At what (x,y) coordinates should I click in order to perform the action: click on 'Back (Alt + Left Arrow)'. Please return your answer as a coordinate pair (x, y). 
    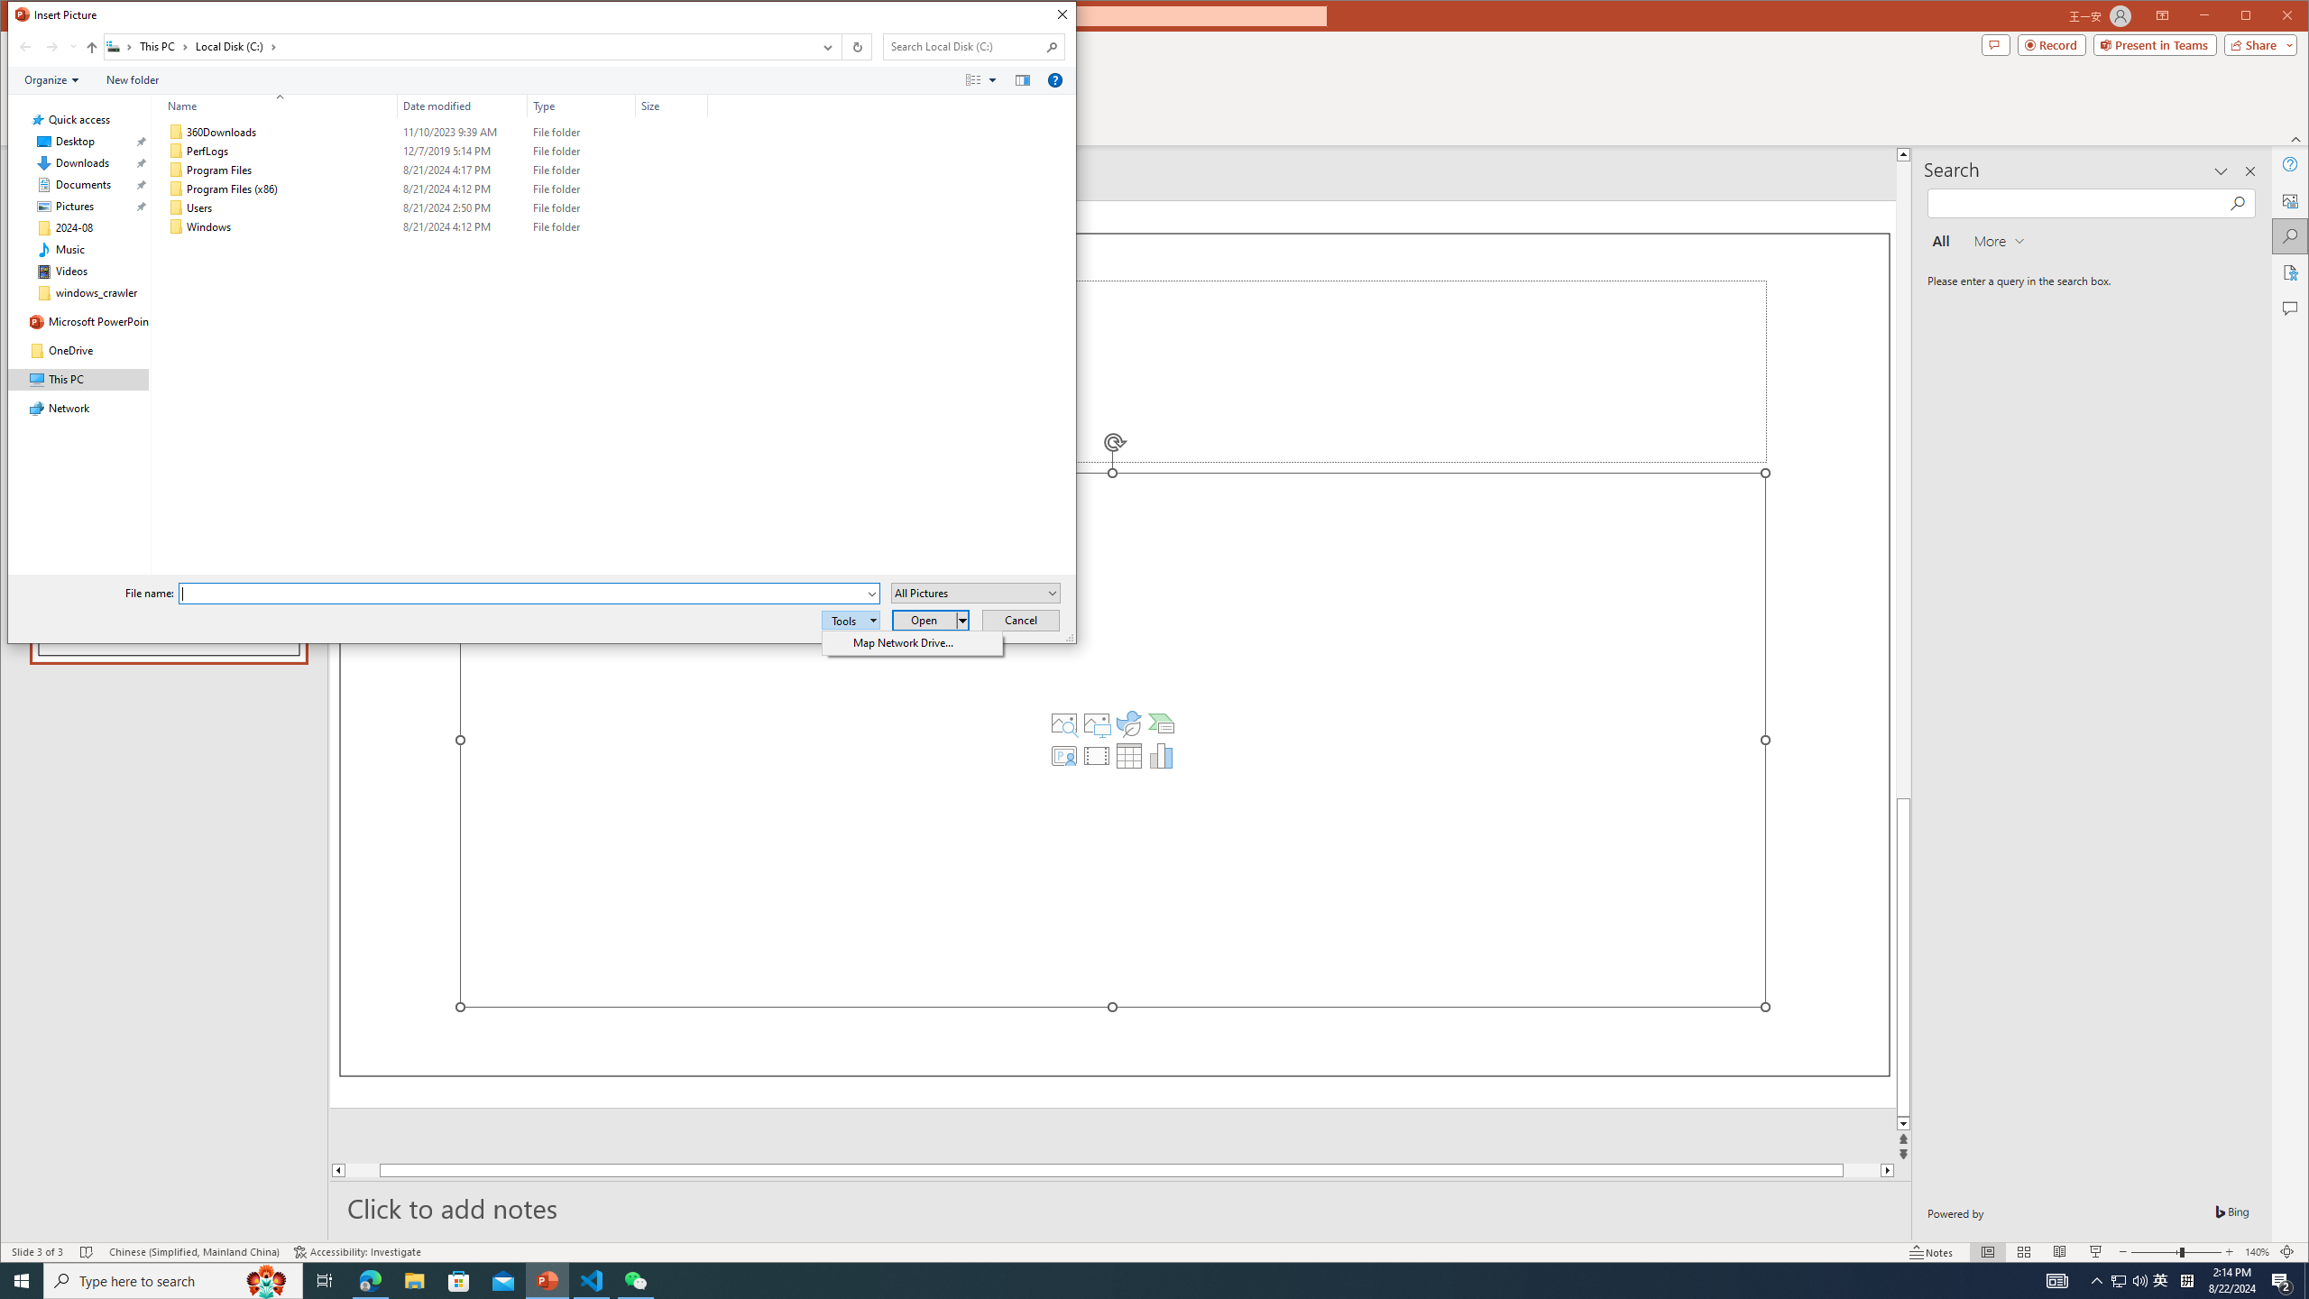
    Looking at the image, I should click on (25, 46).